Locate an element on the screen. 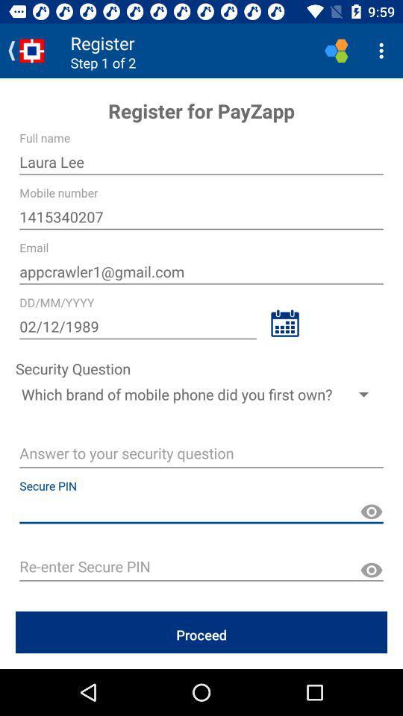  the date_range icon is located at coordinates (284, 323).